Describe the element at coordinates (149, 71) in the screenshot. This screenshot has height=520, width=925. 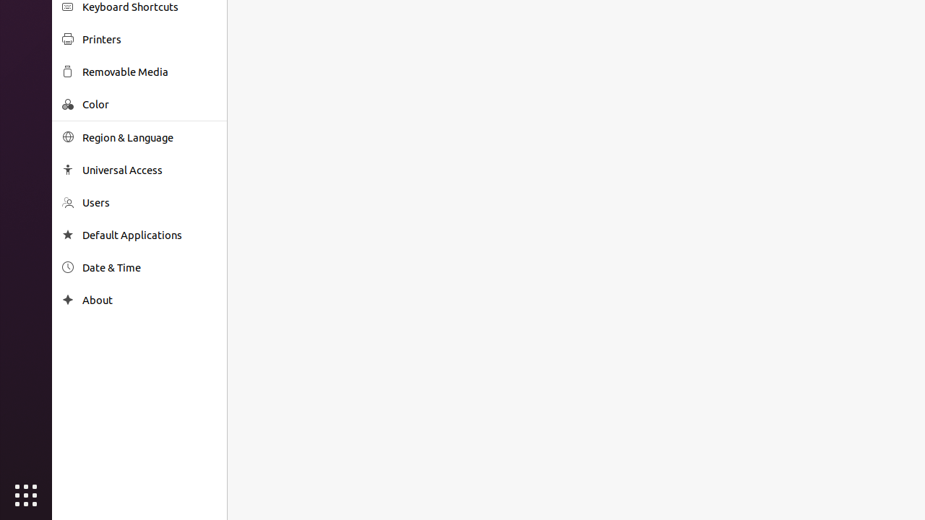
I see `'Removable Media'` at that location.